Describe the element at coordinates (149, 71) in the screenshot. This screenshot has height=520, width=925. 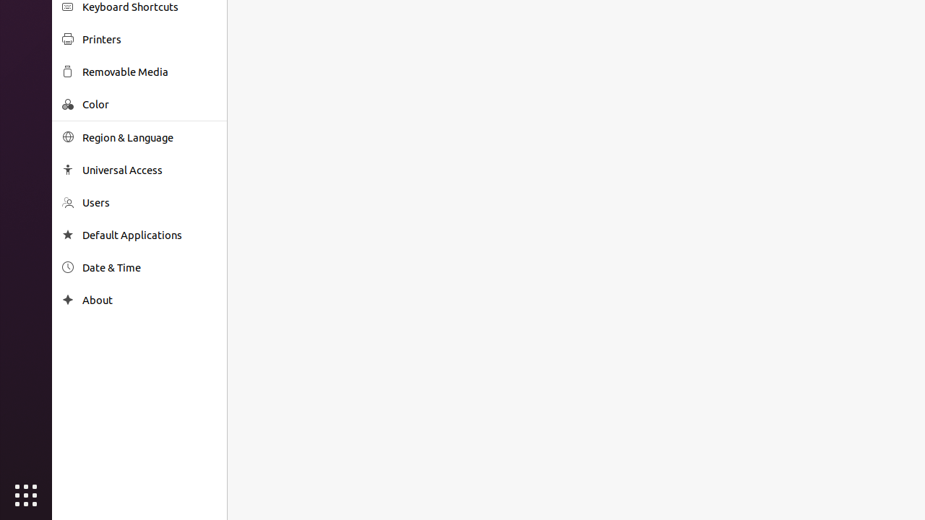
I see `'Removable Media'` at that location.